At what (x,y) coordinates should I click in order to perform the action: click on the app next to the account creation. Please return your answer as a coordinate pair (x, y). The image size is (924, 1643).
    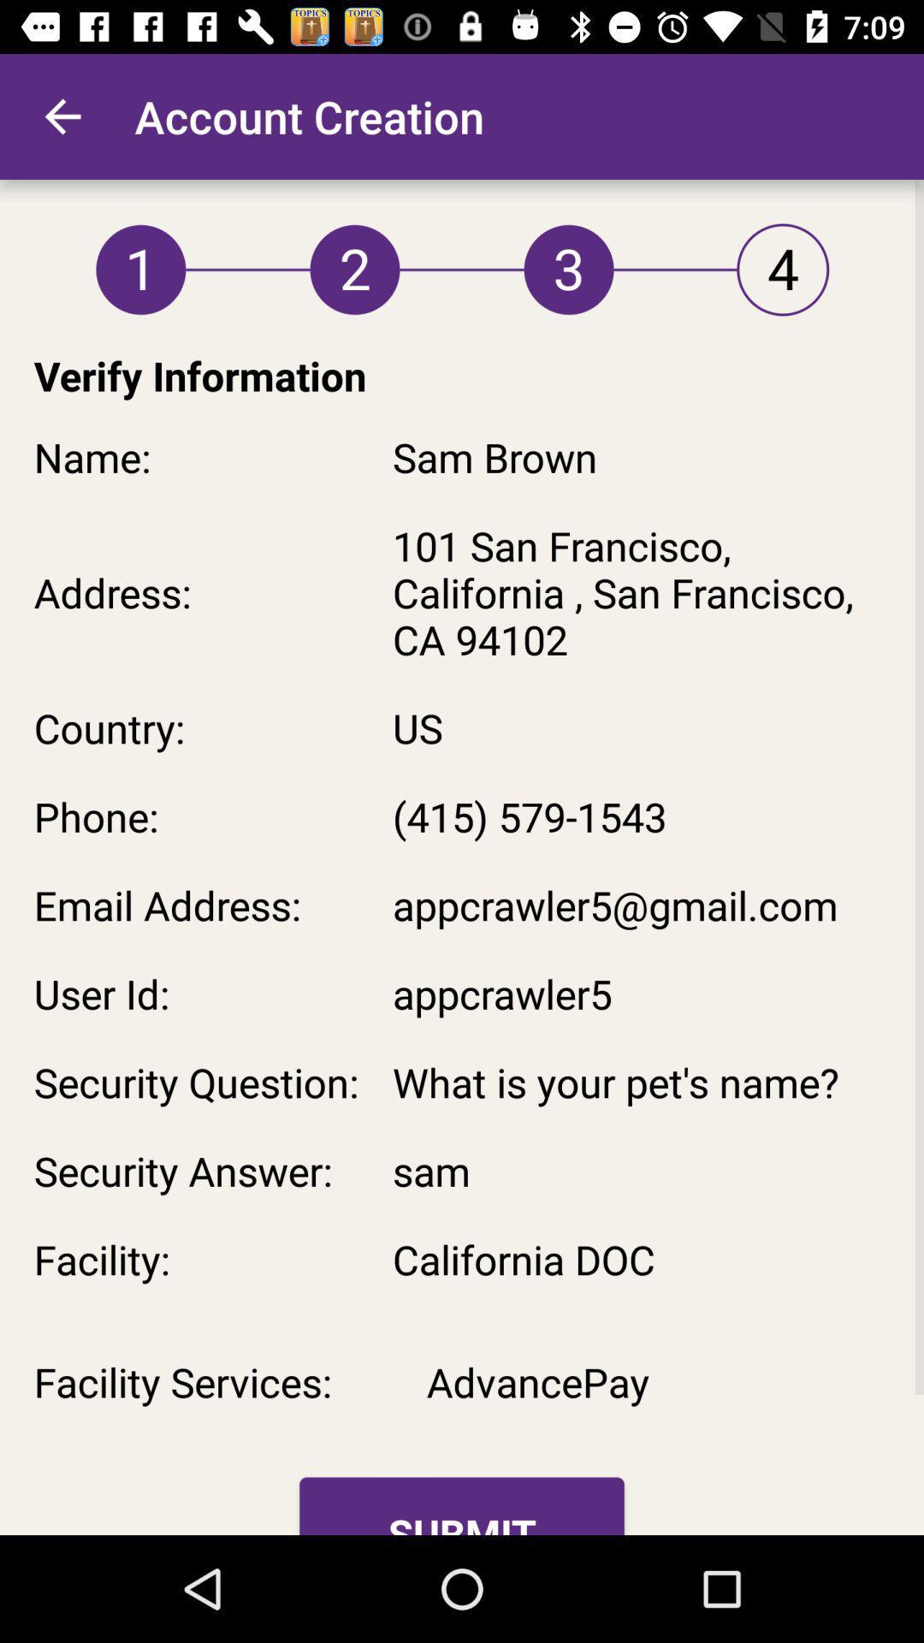
    Looking at the image, I should click on (62, 116).